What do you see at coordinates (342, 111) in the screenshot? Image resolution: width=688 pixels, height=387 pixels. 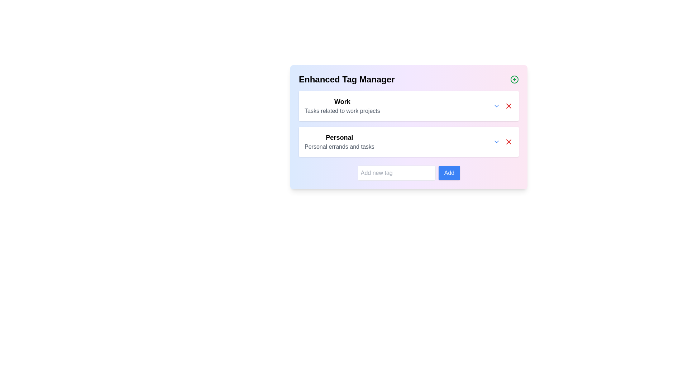 I see `the Text Label that provides supplementary description for the 'Work' section, located beneath the title 'Work' in the top section of the card-like interface` at bounding box center [342, 111].